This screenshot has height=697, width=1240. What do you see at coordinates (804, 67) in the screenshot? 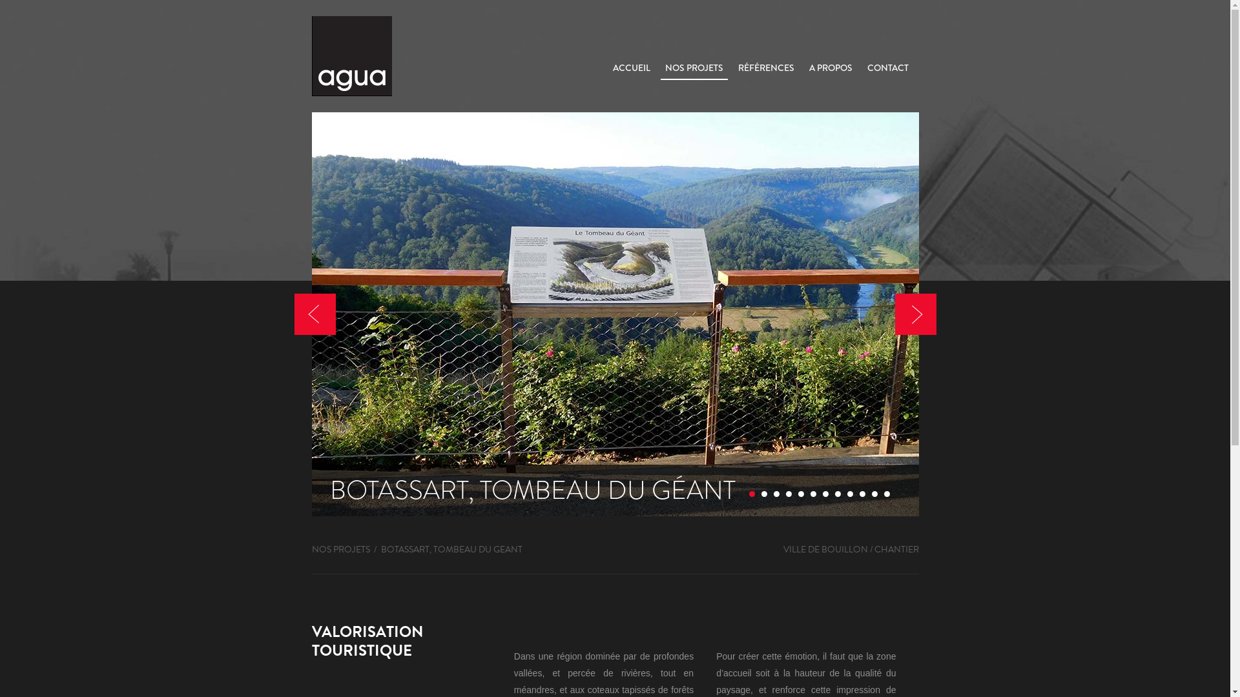
I see `'A PROPOS'` at bounding box center [804, 67].